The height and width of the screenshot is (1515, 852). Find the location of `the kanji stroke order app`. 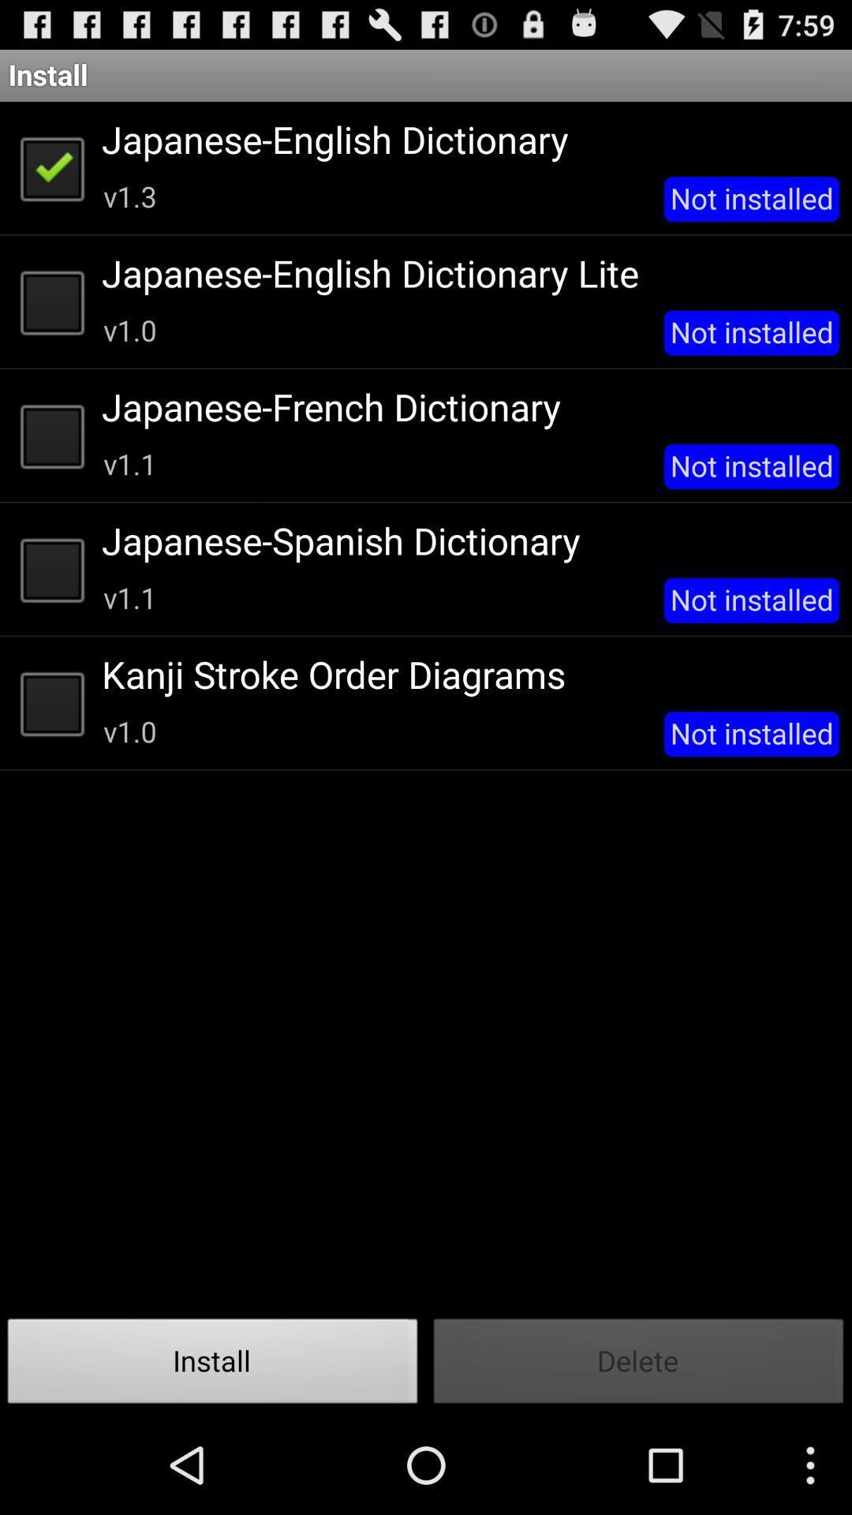

the kanji stroke order app is located at coordinates (464, 674).